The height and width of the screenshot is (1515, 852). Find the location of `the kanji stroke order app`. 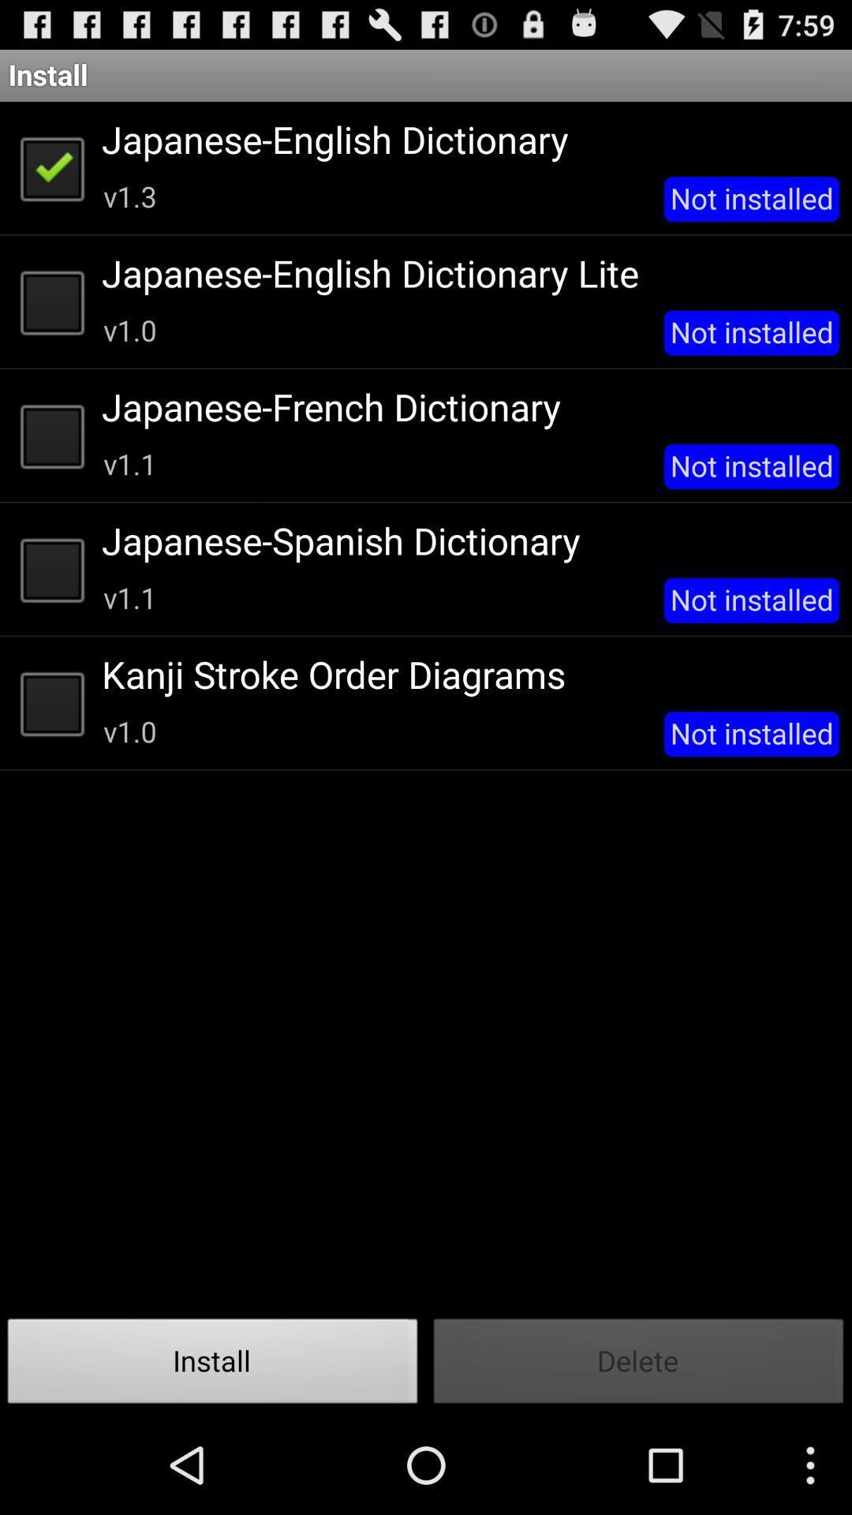

the kanji stroke order app is located at coordinates (464, 674).